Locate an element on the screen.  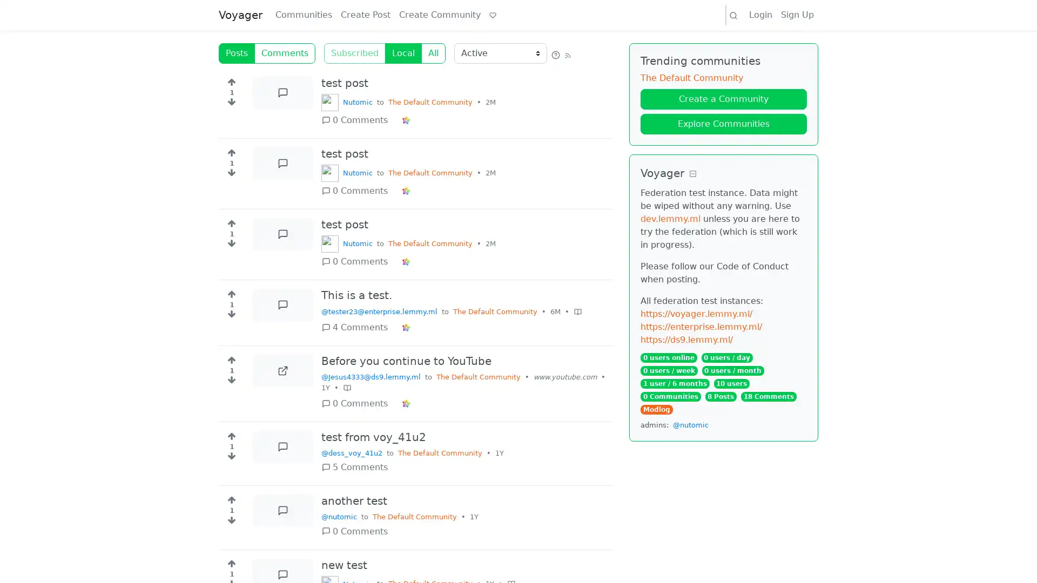
0 Comments is located at coordinates (358, 191).